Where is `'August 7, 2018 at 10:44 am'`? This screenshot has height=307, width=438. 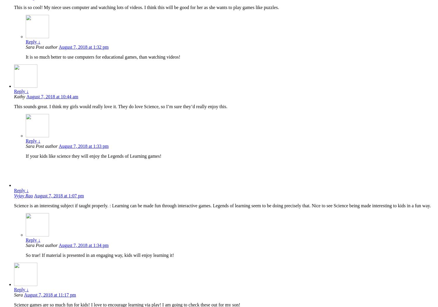 'August 7, 2018 at 10:44 am' is located at coordinates (52, 97).